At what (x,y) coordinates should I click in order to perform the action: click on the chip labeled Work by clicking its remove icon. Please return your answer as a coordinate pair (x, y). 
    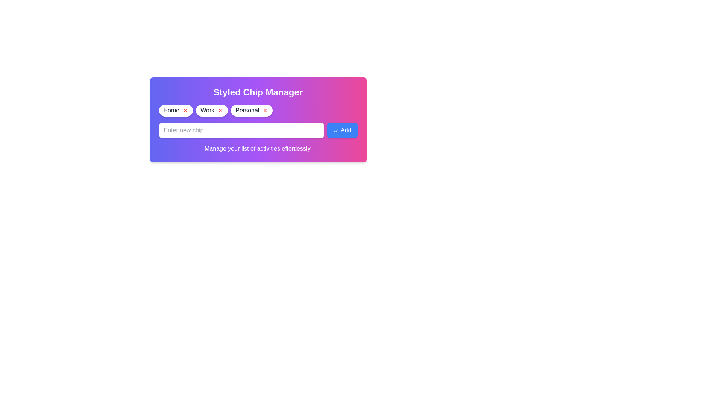
    Looking at the image, I should click on (220, 110).